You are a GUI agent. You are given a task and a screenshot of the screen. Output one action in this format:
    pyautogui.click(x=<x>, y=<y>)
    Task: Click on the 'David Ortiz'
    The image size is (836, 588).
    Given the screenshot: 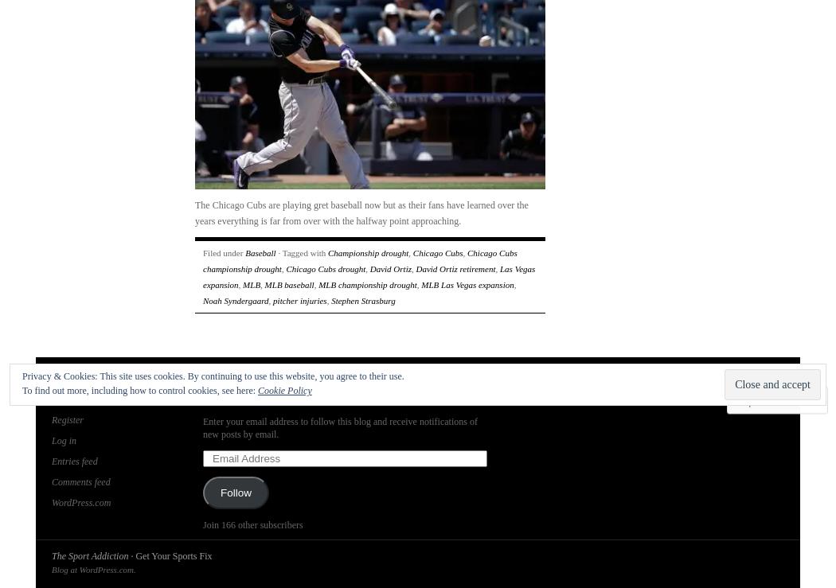 What is the action you would take?
    pyautogui.click(x=389, y=268)
    